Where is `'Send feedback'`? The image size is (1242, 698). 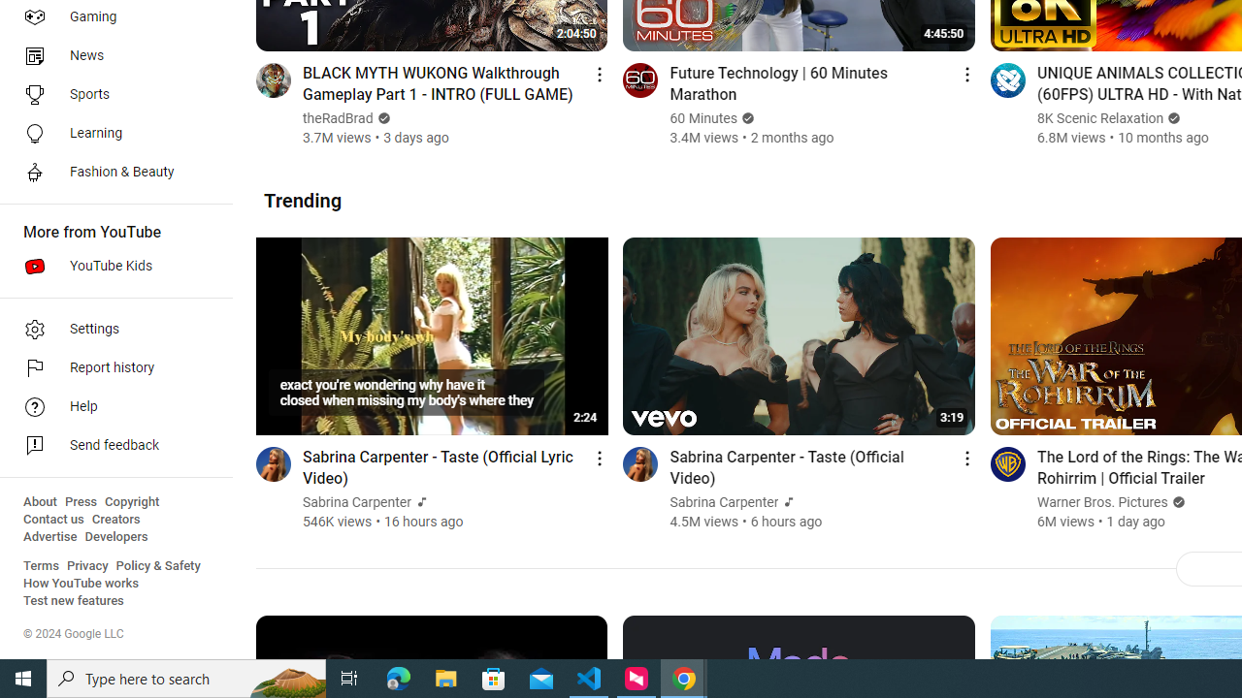
'Send feedback' is located at coordinates (109, 446).